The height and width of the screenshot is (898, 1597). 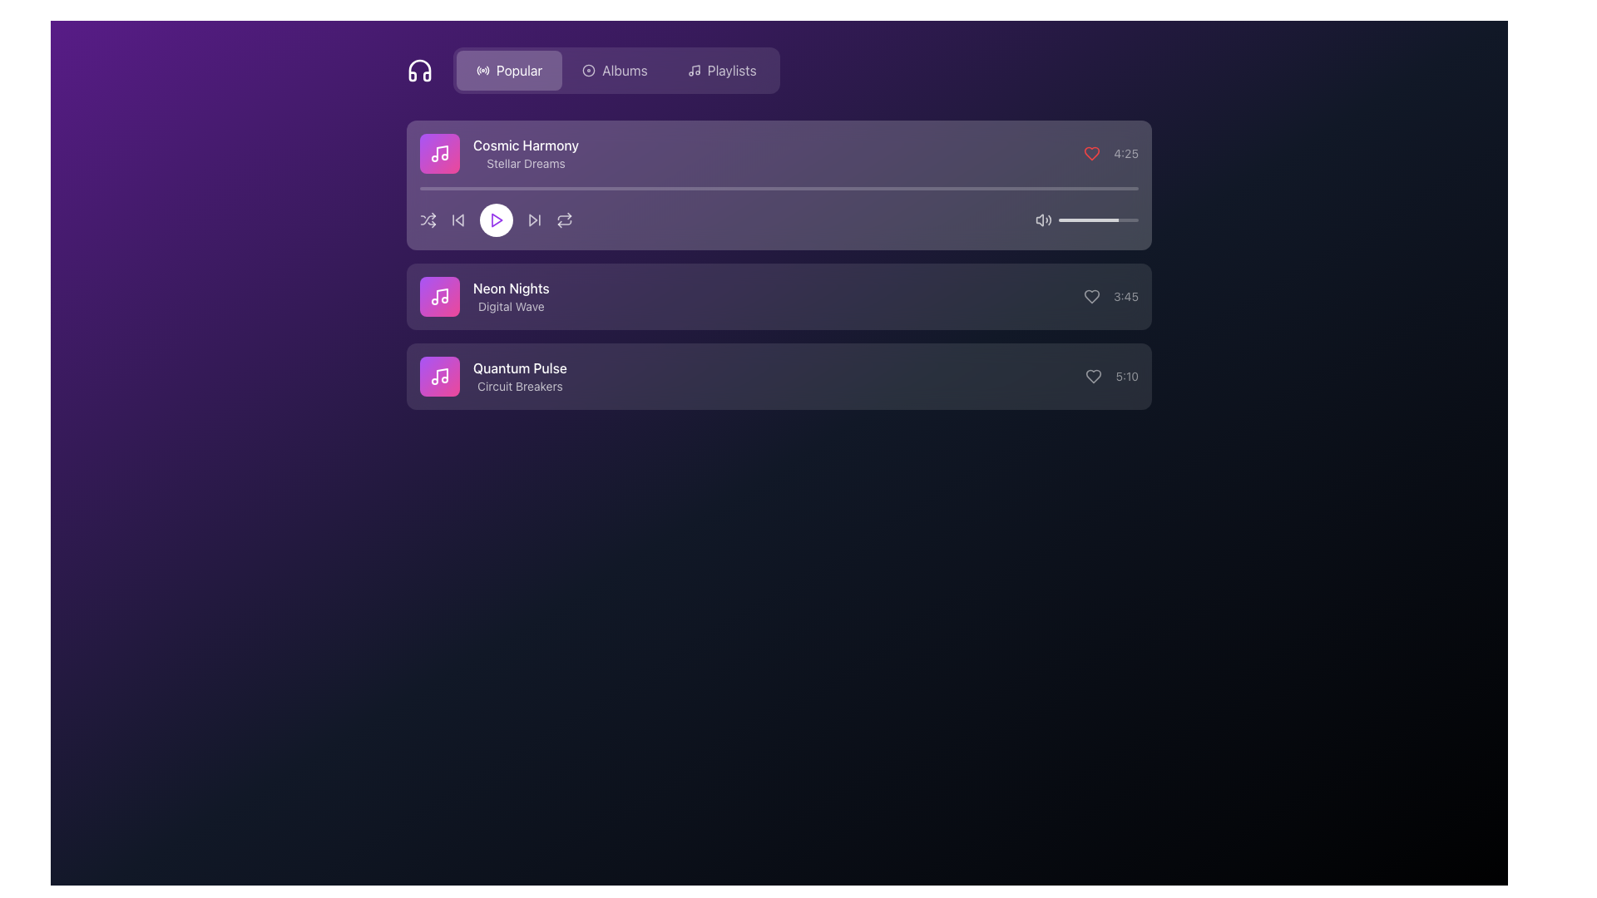 What do you see at coordinates (459, 220) in the screenshot?
I see `the skip-back icon in the playback controls for the 'Cosmic Harmony' track` at bounding box center [459, 220].